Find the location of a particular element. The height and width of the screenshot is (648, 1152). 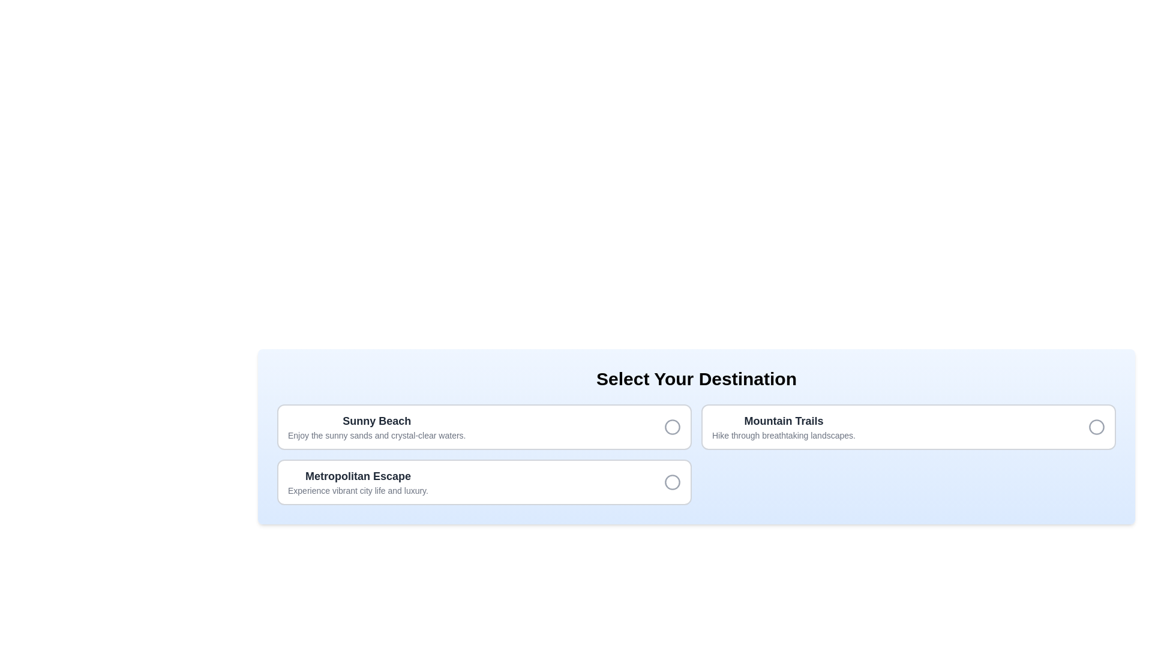

descriptive tagline text located under the heading 'Metropolitan Escape' in the lower section of the selection card is located at coordinates (357, 490).